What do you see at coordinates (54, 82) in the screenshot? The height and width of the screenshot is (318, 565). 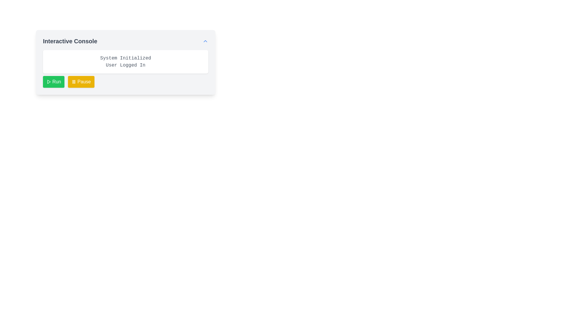 I see `the 'Run' button, which has a green background and white text` at bounding box center [54, 82].